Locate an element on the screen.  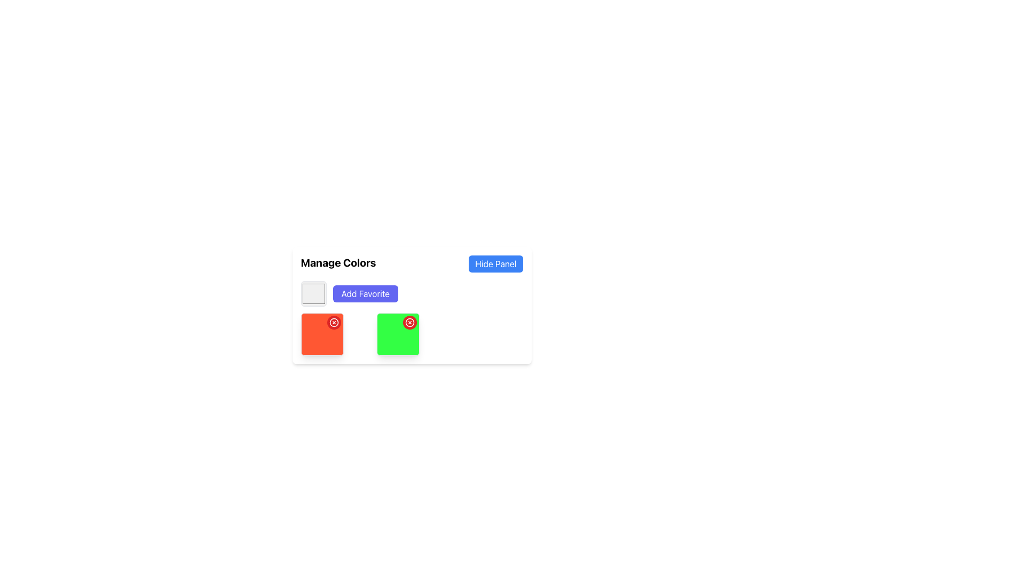
the upper-right corner of the interactive color box with a delete button located in the 'Manage Colors' section is located at coordinates (411, 306).